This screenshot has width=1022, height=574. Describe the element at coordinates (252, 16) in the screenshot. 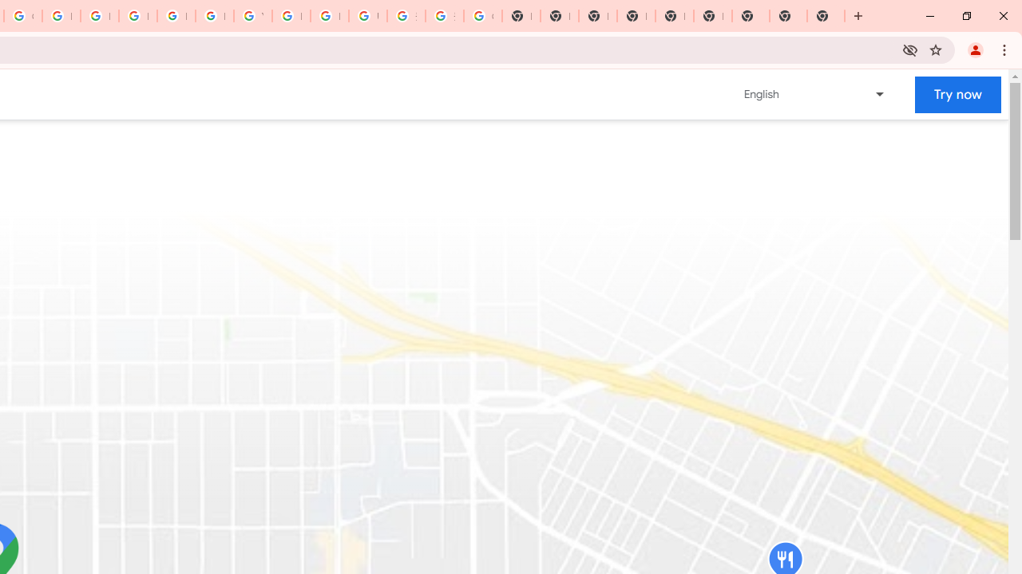

I see `'YouTube'` at that location.